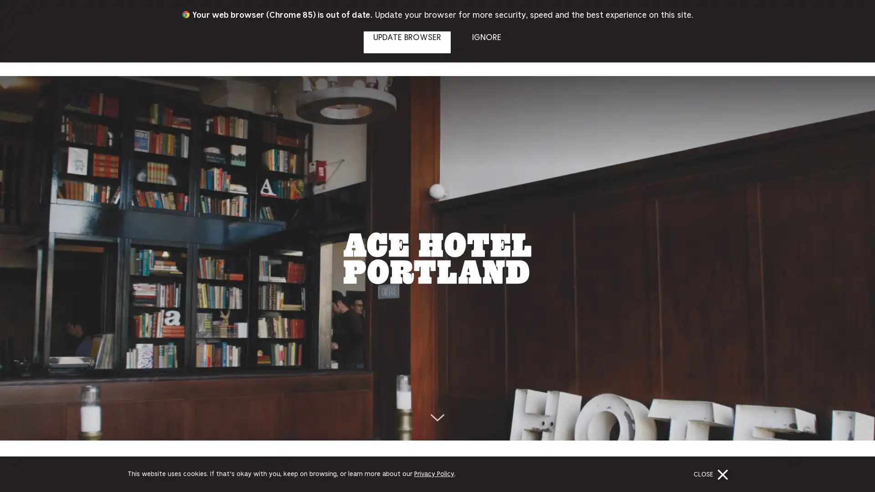 The image size is (875, 492). What do you see at coordinates (486, 42) in the screenshot?
I see `IGNORE` at bounding box center [486, 42].